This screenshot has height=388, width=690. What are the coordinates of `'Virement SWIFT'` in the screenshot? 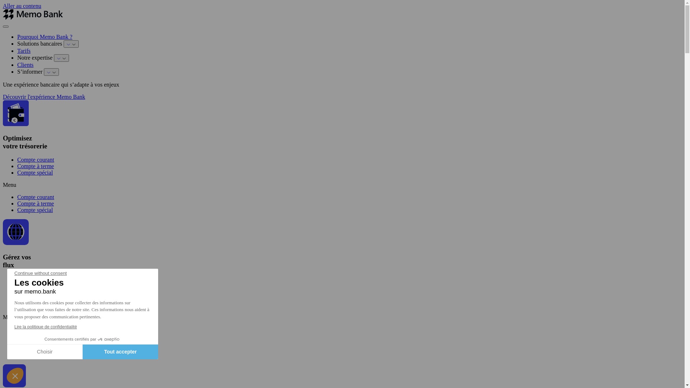 It's located at (37, 305).